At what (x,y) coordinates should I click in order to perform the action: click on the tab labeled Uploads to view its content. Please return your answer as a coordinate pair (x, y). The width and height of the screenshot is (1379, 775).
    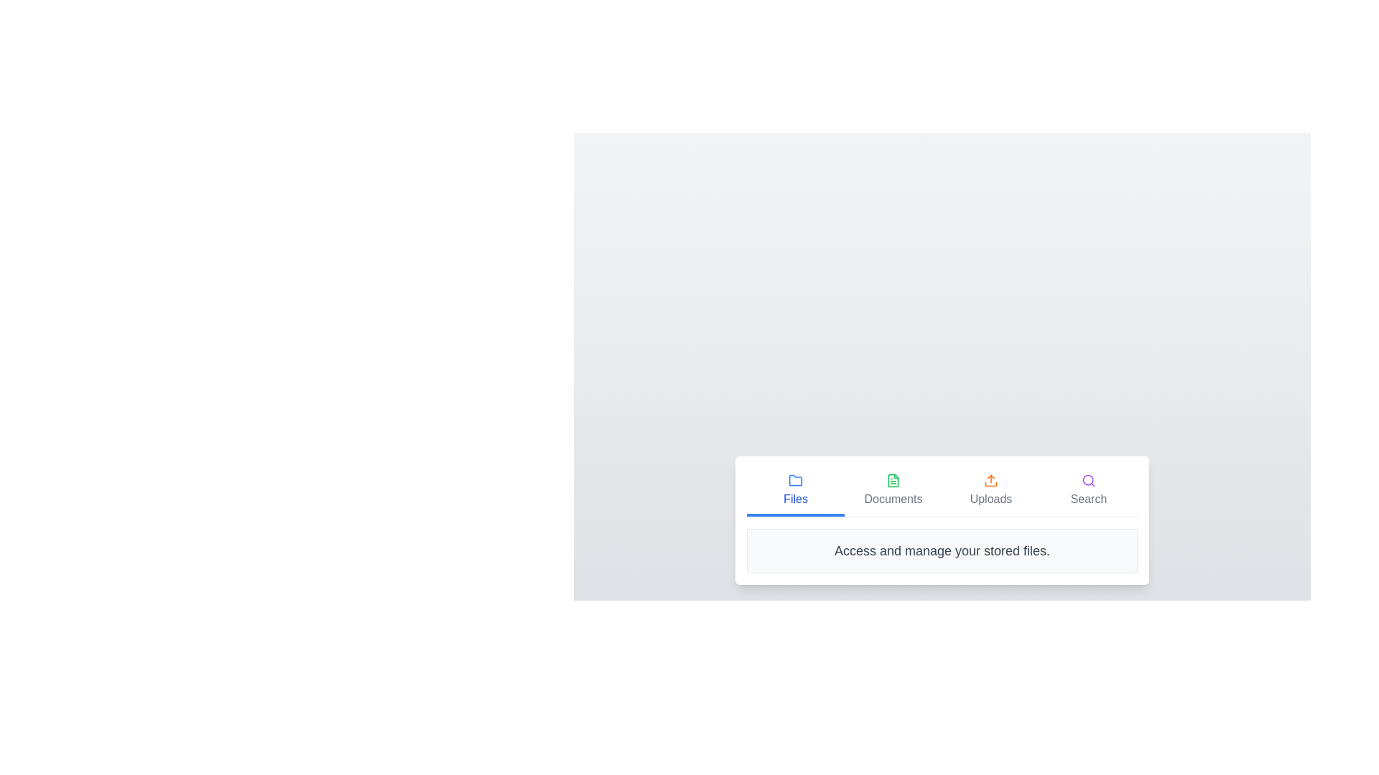
    Looking at the image, I should click on (990, 491).